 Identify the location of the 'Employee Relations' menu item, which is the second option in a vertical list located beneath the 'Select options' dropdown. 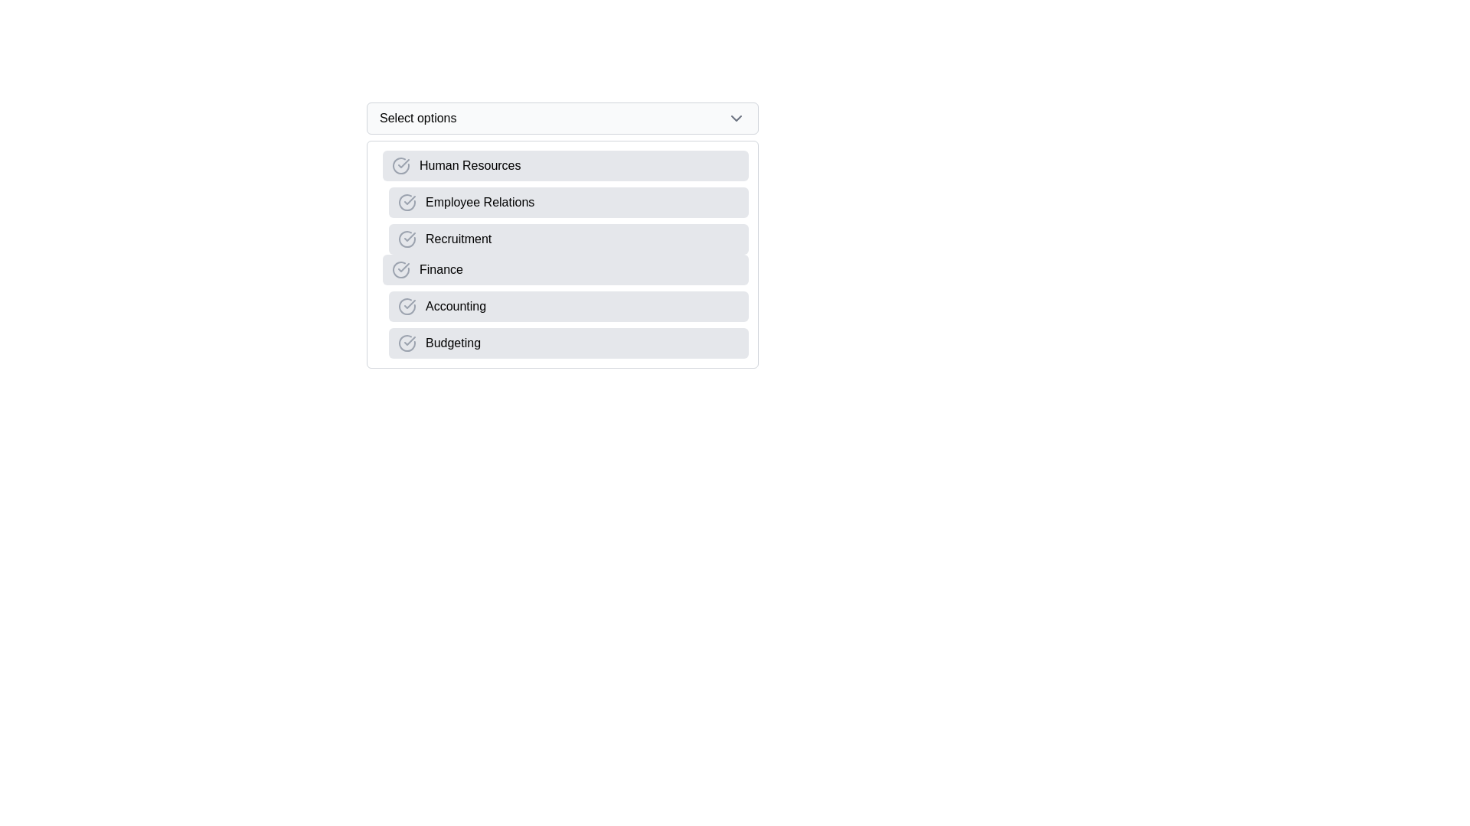
(565, 202).